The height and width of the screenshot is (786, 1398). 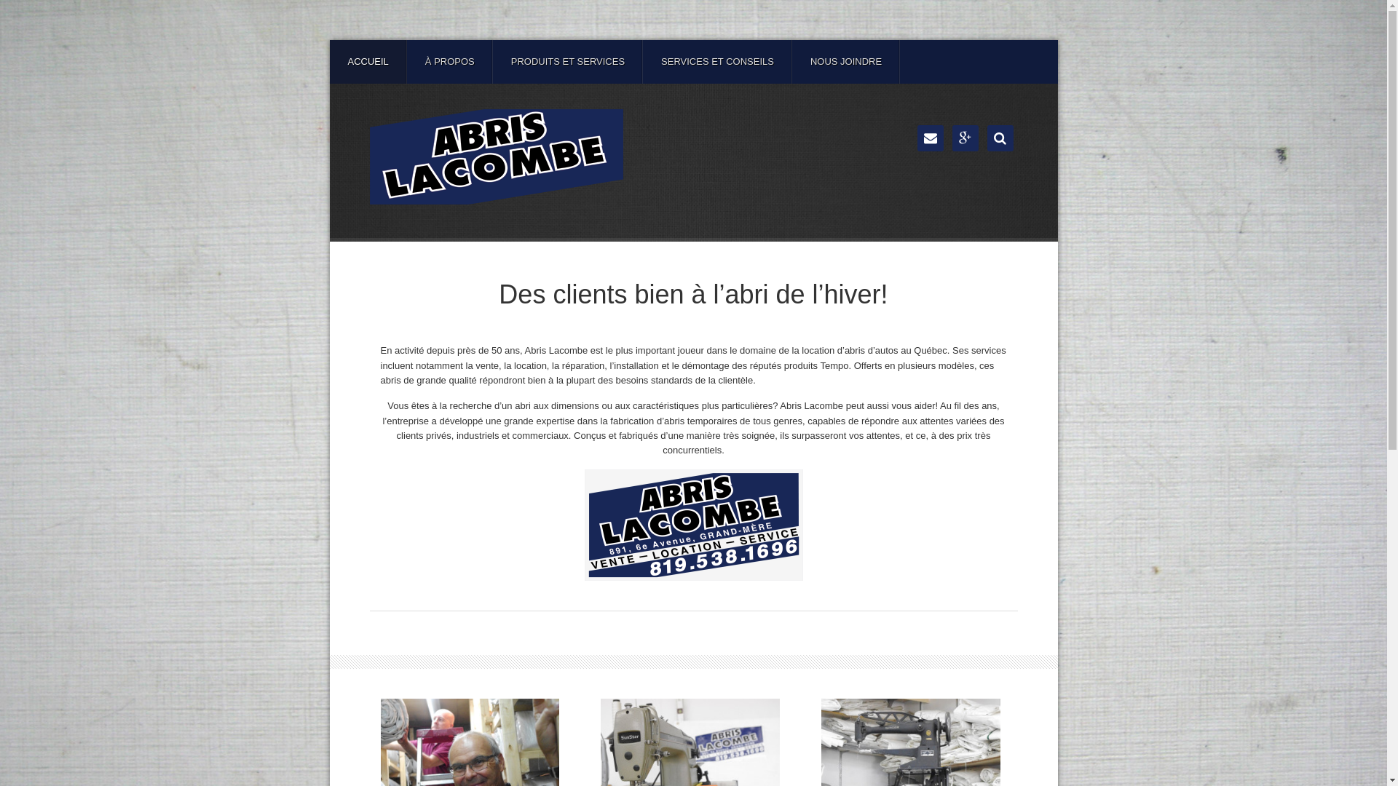 I want to click on 'Abris Lacombe', so click(x=496, y=156).